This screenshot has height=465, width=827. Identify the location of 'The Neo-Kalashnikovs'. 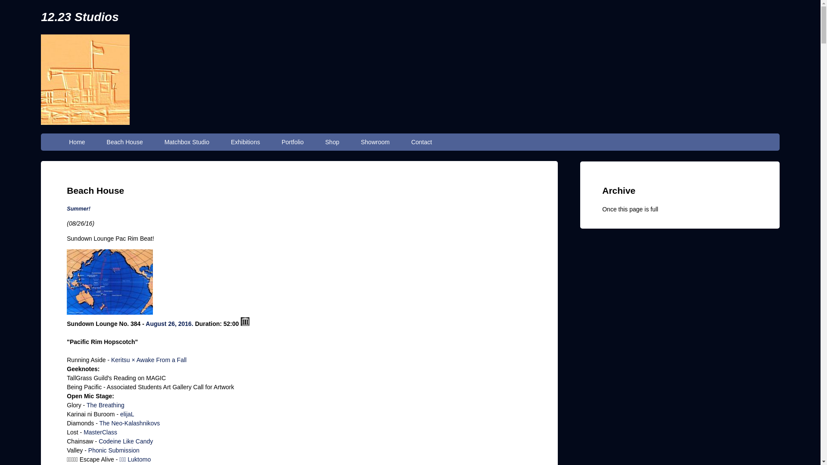
(129, 423).